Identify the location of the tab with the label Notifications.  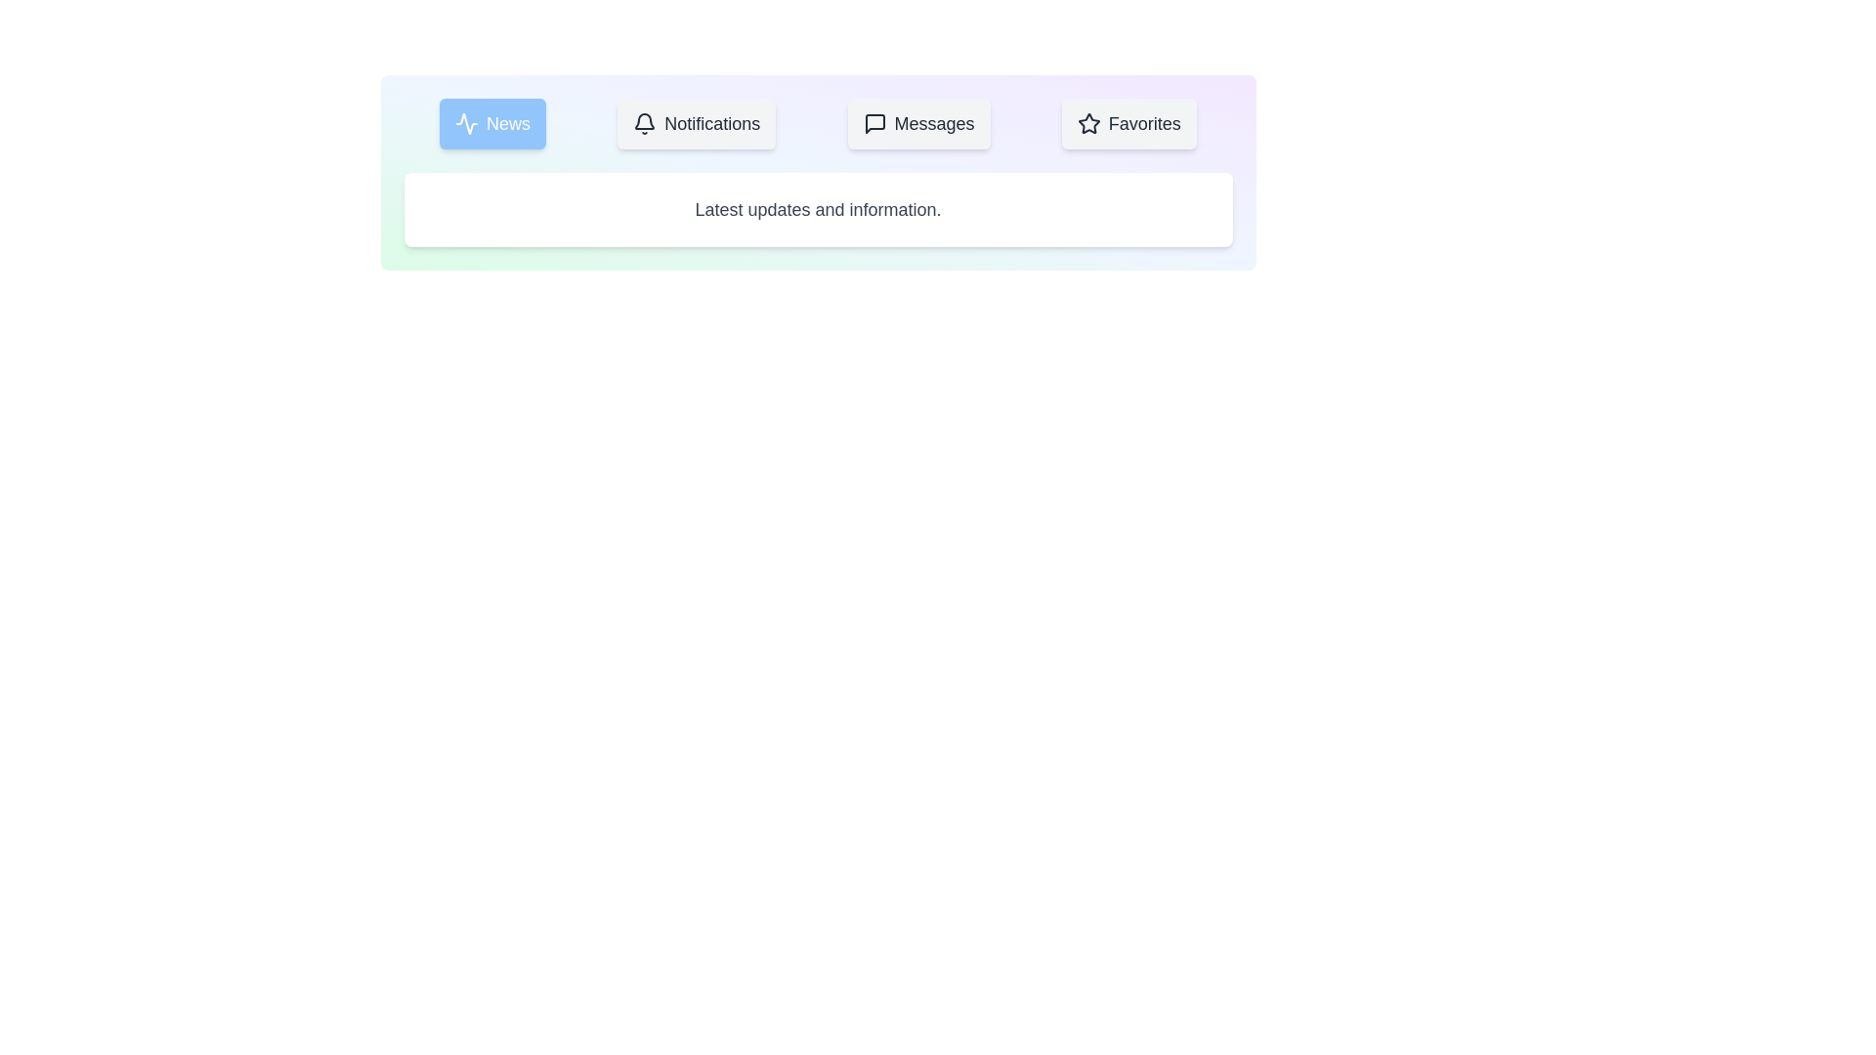
(697, 124).